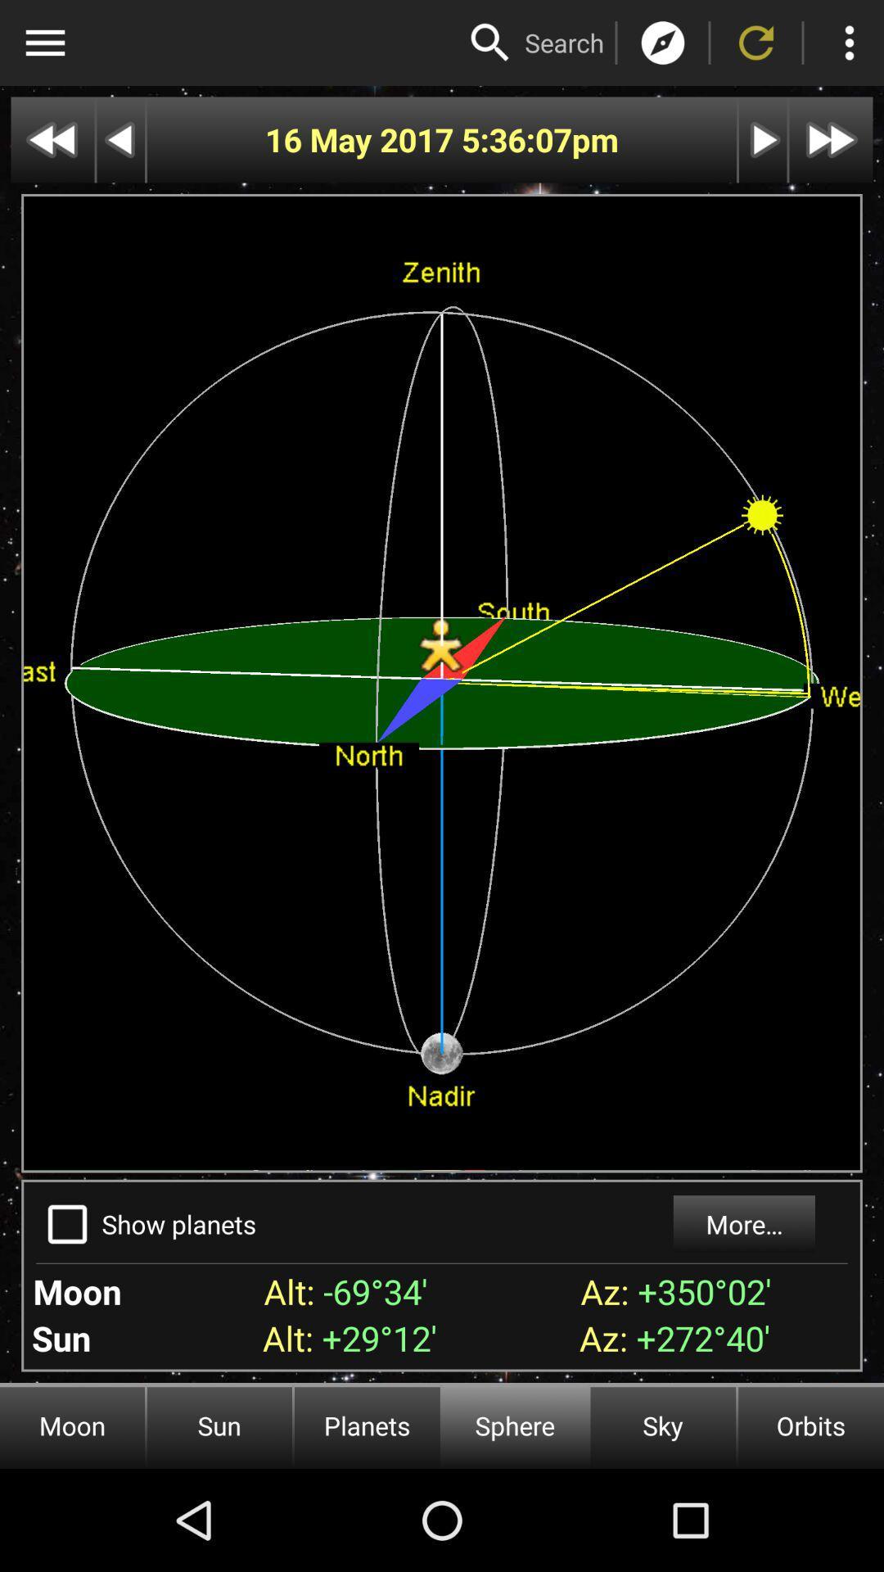  I want to click on the play icon, so click(763, 140).